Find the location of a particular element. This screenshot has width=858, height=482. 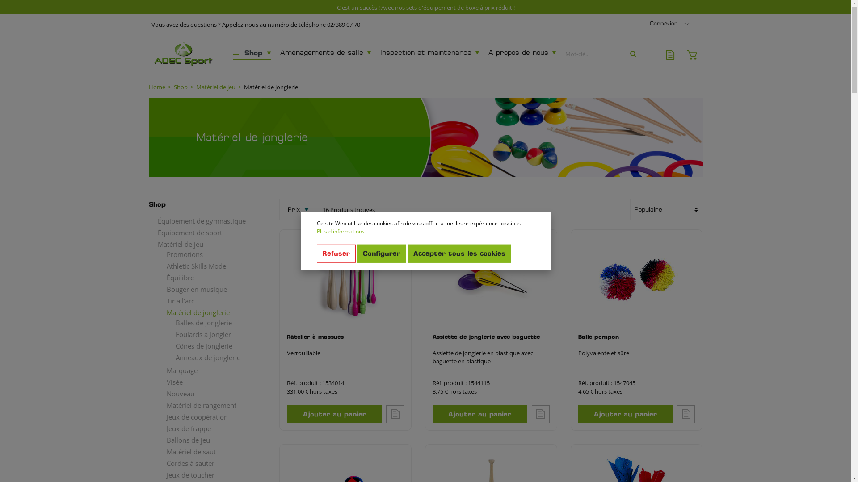

'Jeux de frappe' is located at coordinates (209, 428).